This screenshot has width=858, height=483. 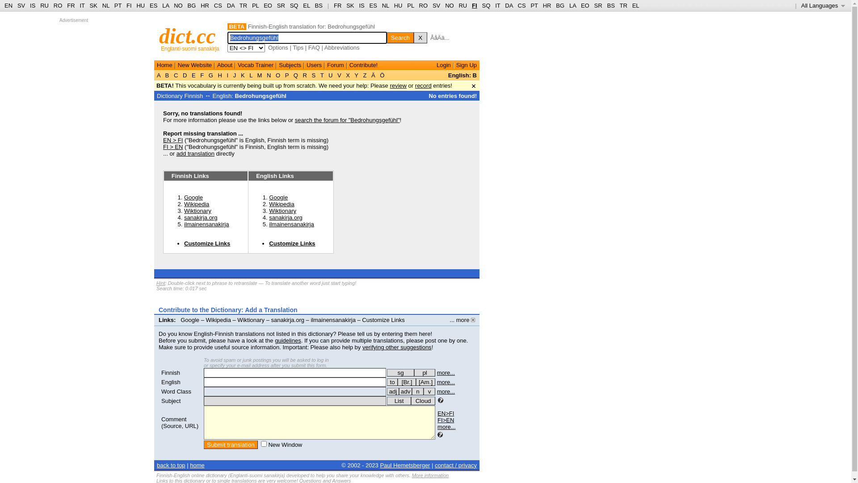 What do you see at coordinates (398, 85) in the screenshot?
I see `'review'` at bounding box center [398, 85].